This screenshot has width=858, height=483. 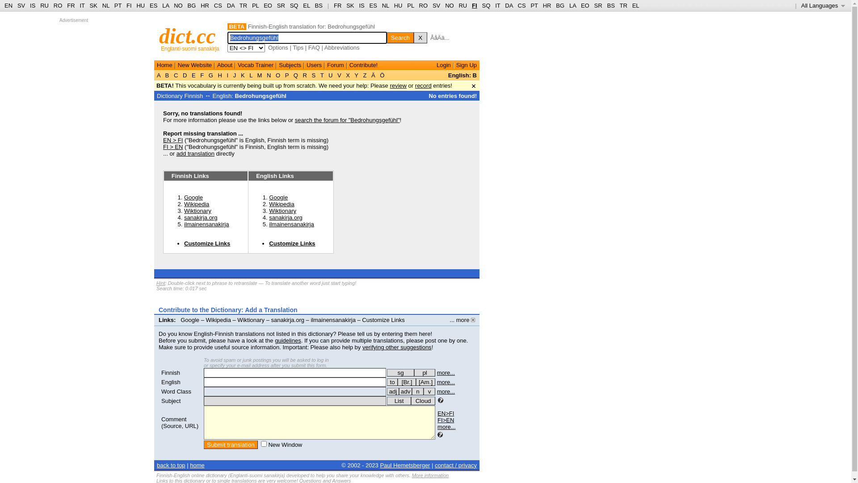 What do you see at coordinates (398, 85) in the screenshot?
I see `'review'` at bounding box center [398, 85].